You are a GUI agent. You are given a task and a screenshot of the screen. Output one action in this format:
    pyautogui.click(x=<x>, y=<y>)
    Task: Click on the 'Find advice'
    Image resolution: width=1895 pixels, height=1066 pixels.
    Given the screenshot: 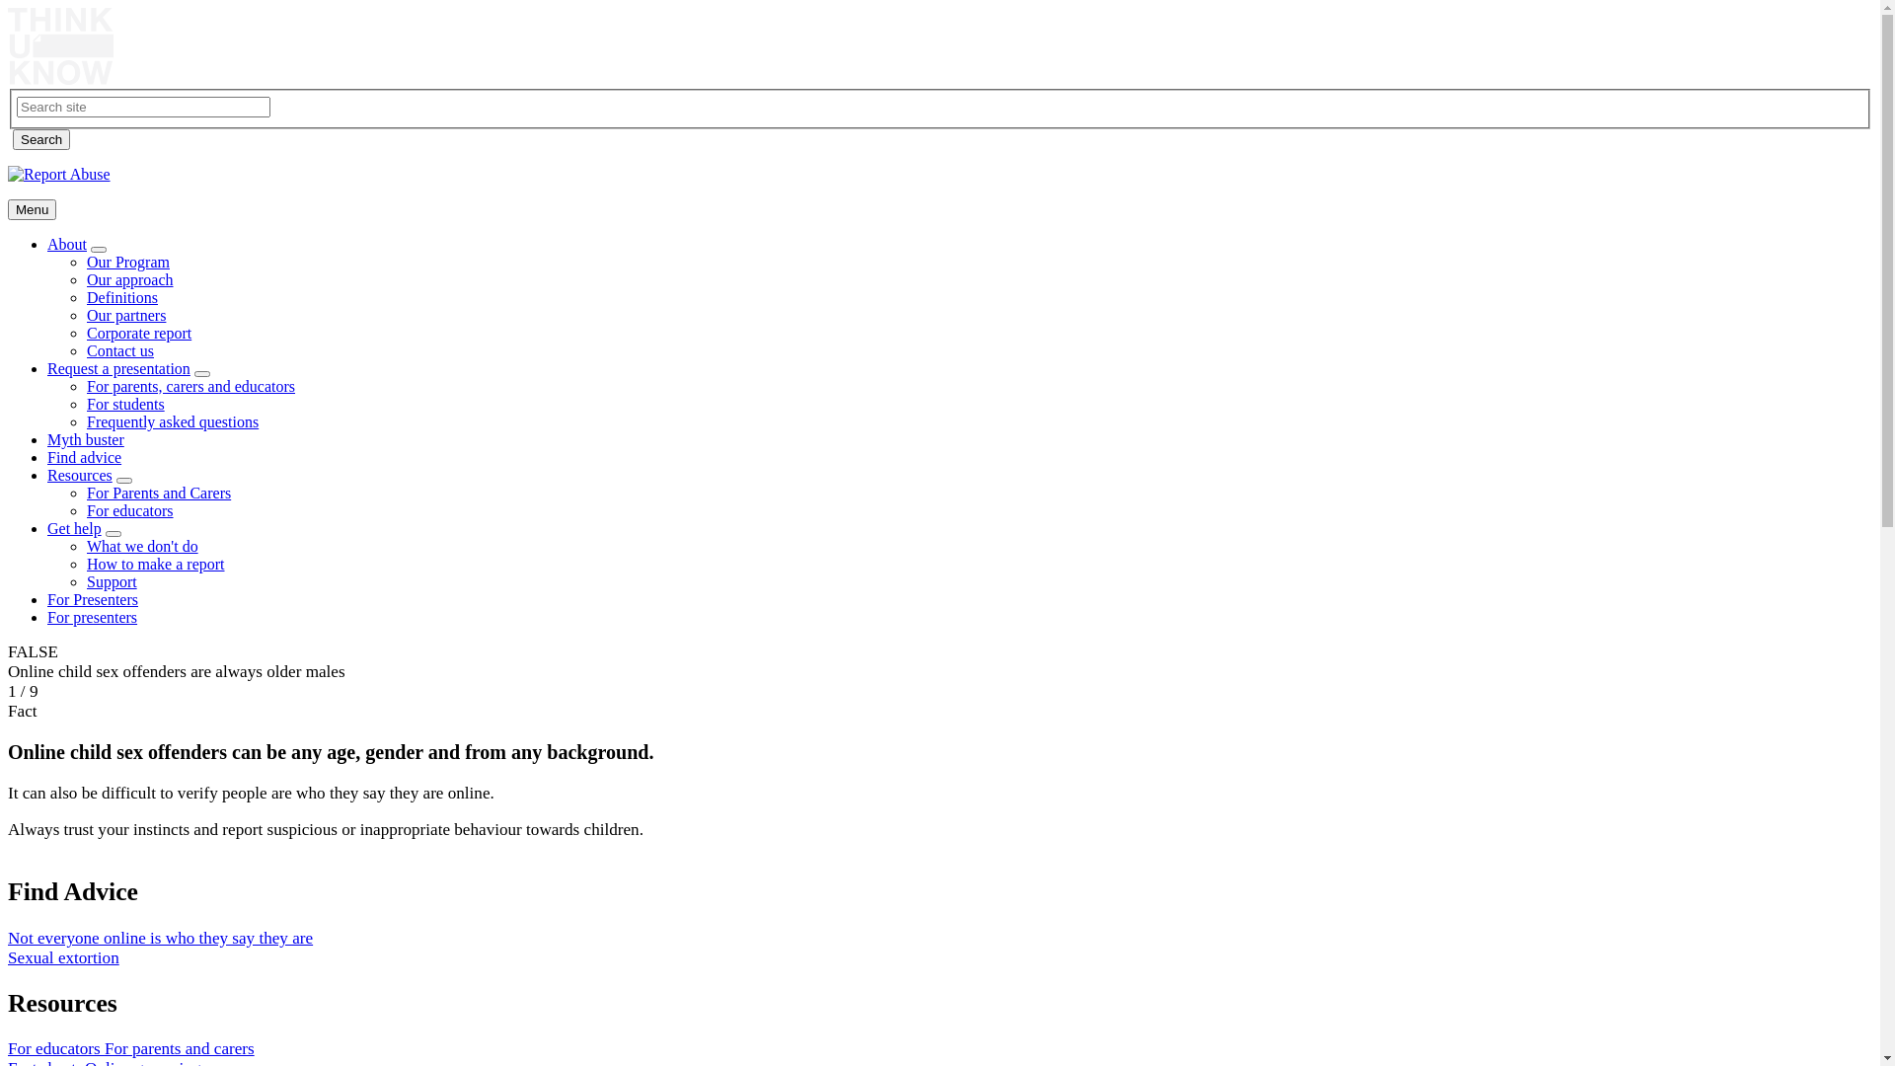 What is the action you would take?
    pyautogui.click(x=83, y=457)
    